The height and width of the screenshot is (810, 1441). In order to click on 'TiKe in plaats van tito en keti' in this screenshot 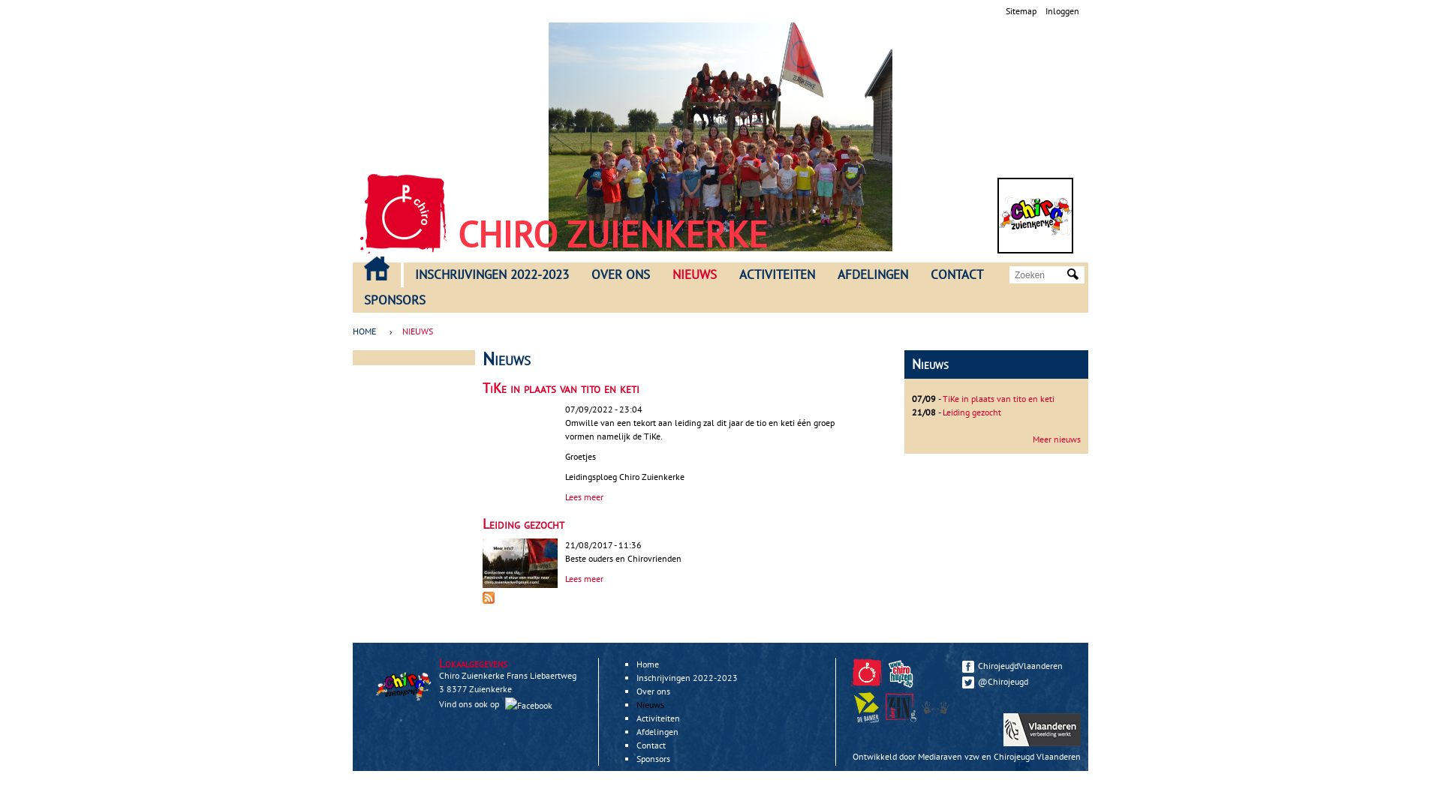, I will do `click(942, 397)`.